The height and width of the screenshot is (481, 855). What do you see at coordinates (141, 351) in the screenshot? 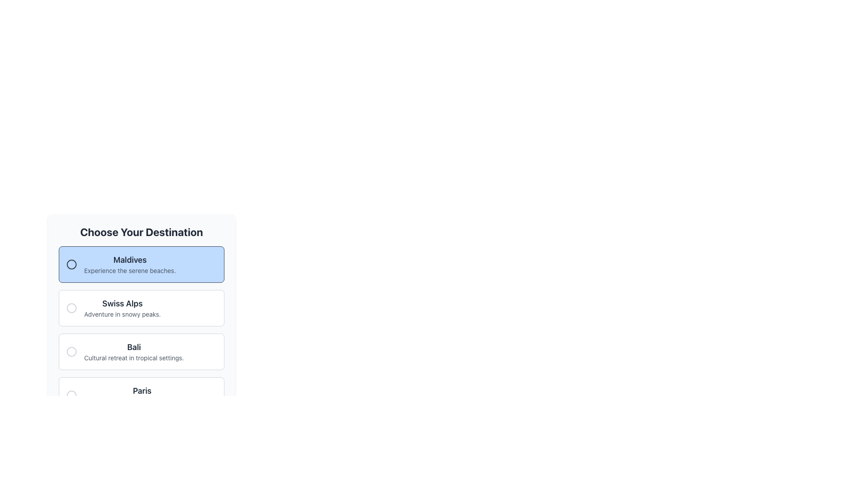
I see `to select the 'Bali' option, which is the third card in a vertical list of four cards, located below 'Maldives' and 'Swiss Alps', and above 'Paris'` at bounding box center [141, 351].